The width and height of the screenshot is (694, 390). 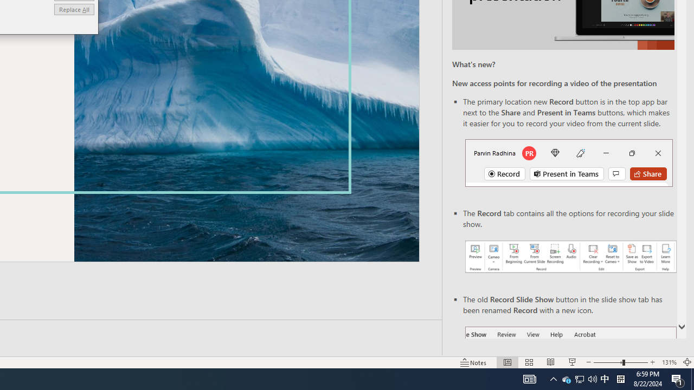 What do you see at coordinates (678, 378) in the screenshot?
I see `'Action Center, 1 new notification'` at bounding box center [678, 378].